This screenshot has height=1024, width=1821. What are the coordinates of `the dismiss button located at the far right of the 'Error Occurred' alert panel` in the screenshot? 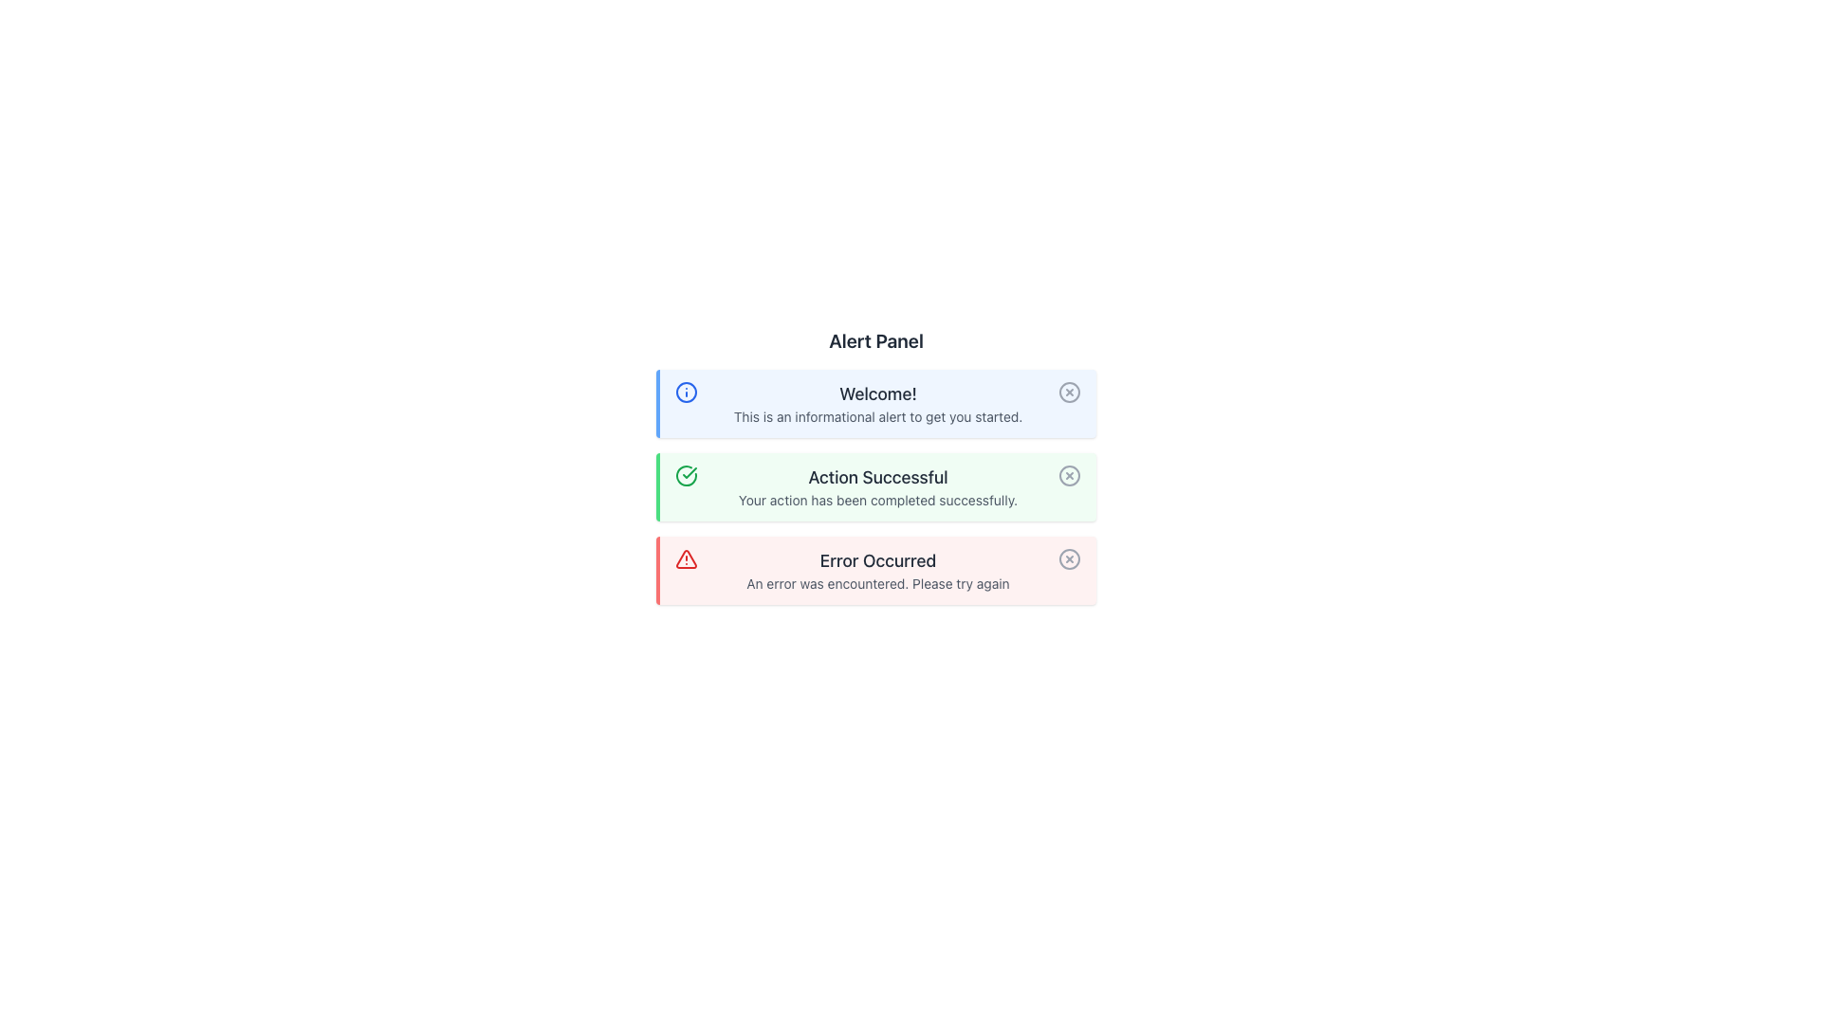 It's located at (1070, 558).